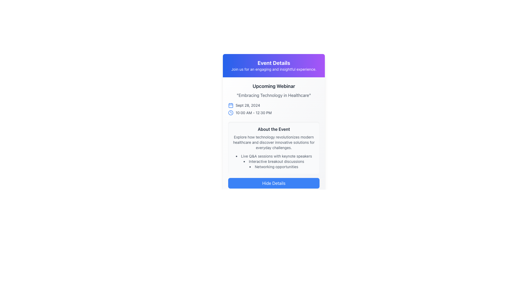  What do you see at coordinates (231, 112) in the screenshot?
I see `the outer circle of the clock icon in the Upcoming Webinar section, which is located beneath the title and to the right of the blue calendar icon` at bounding box center [231, 112].